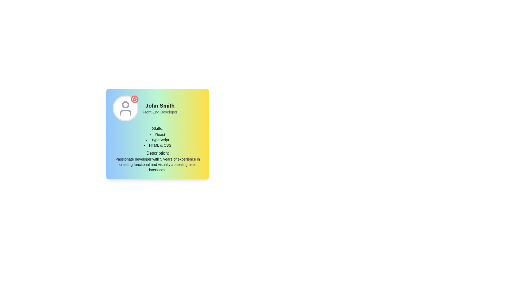 Image resolution: width=513 pixels, height=289 pixels. What do you see at coordinates (157, 149) in the screenshot?
I see `text content of the Text block that describes the skills and experience of the individual, located below the header 'John Smith' and his title 'Front-End Developer' within a rectangular card` at bounding box center [157, 149].